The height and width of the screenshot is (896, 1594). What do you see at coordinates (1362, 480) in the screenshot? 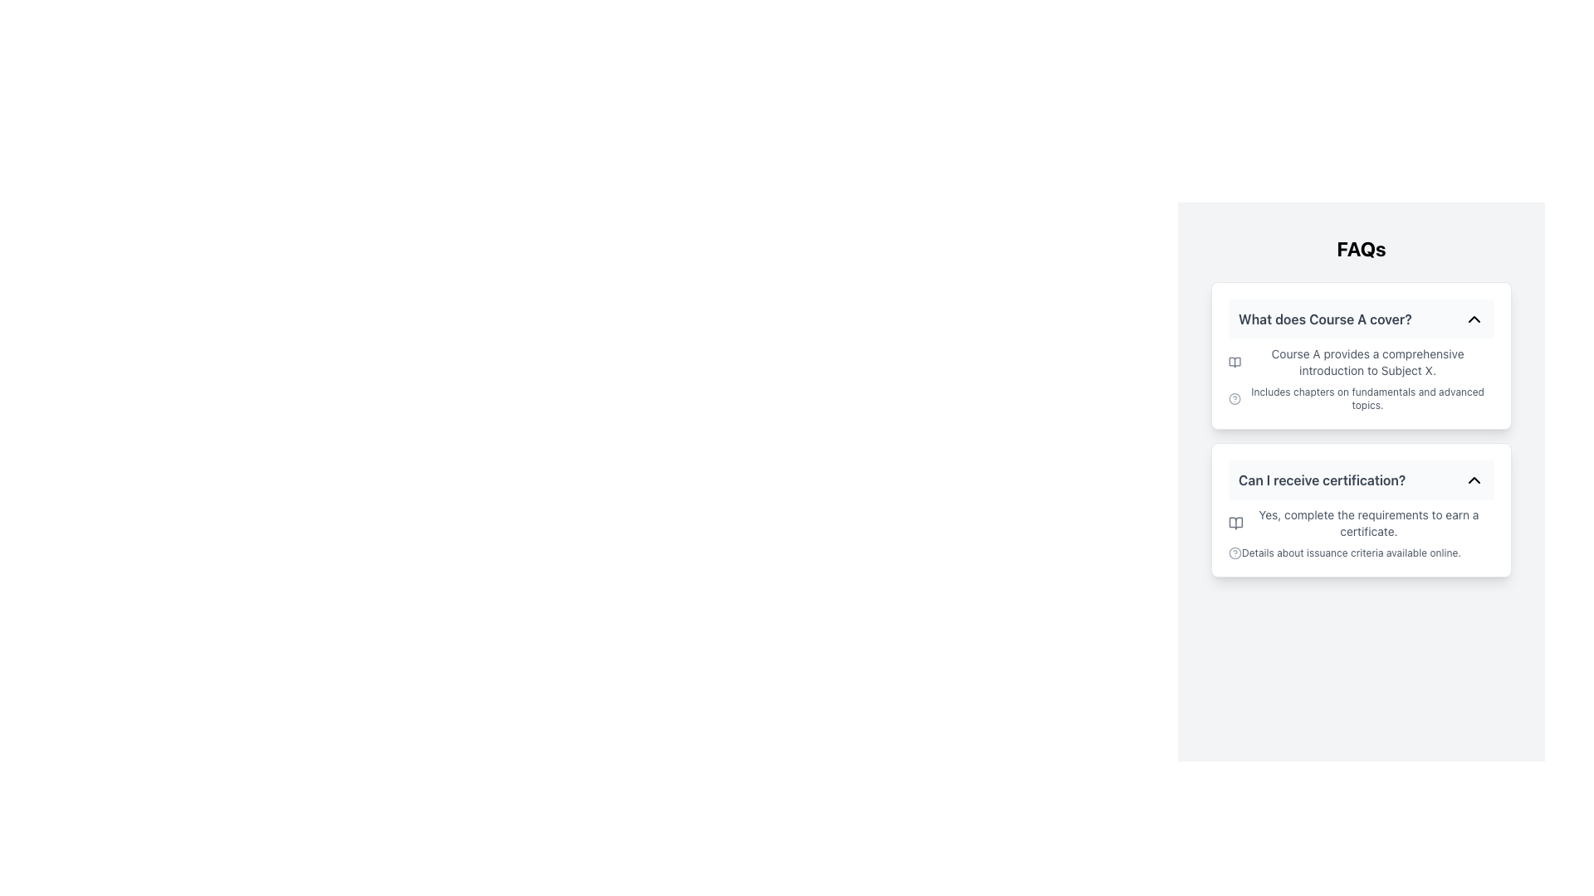
I see `the second accordion header in the FAQs section` at bounding box center [1362, 480].